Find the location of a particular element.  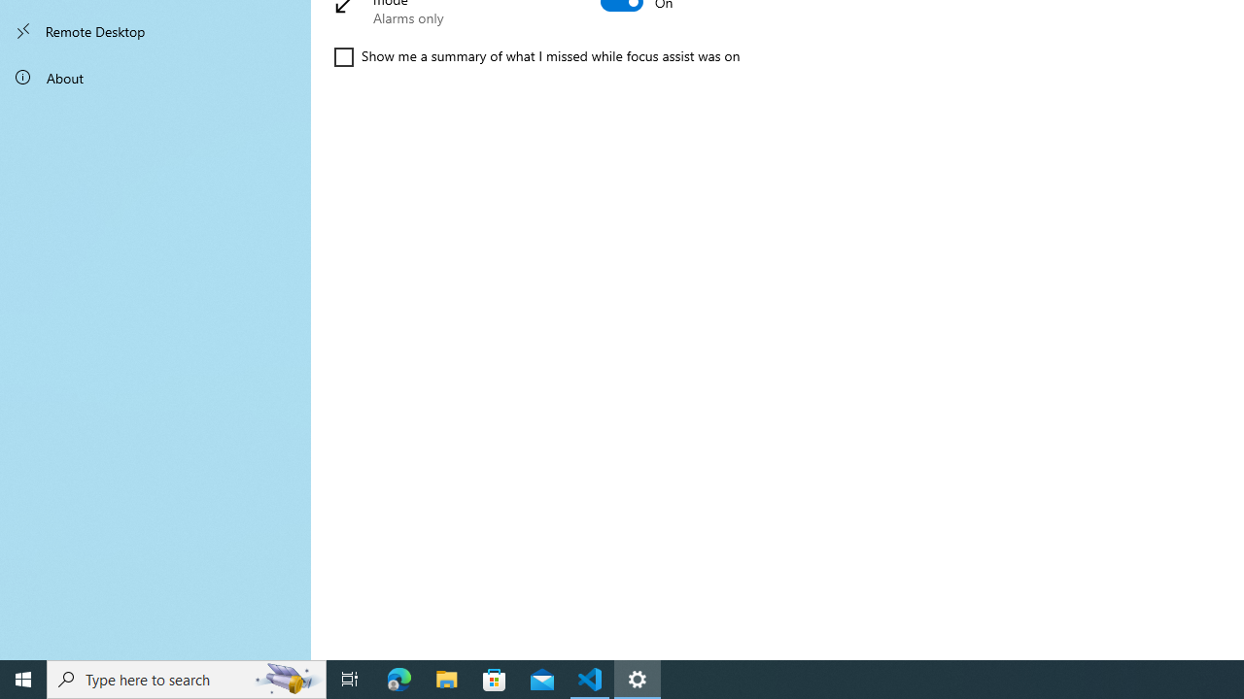

'File Explorer' is located at coordinates (446, 678).